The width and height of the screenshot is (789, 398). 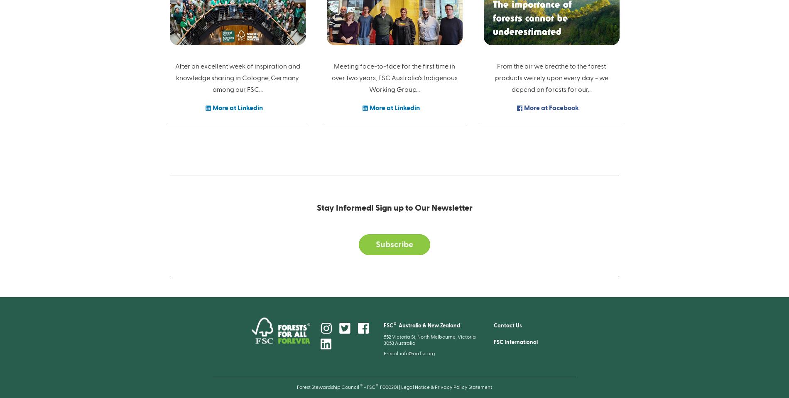 I want to click on 'info@au.fsc.org', so click(x=417, y=353).